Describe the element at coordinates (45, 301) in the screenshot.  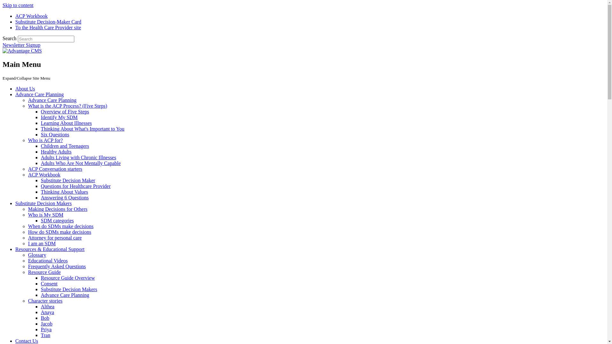
I see `'Character stories'` at that location.